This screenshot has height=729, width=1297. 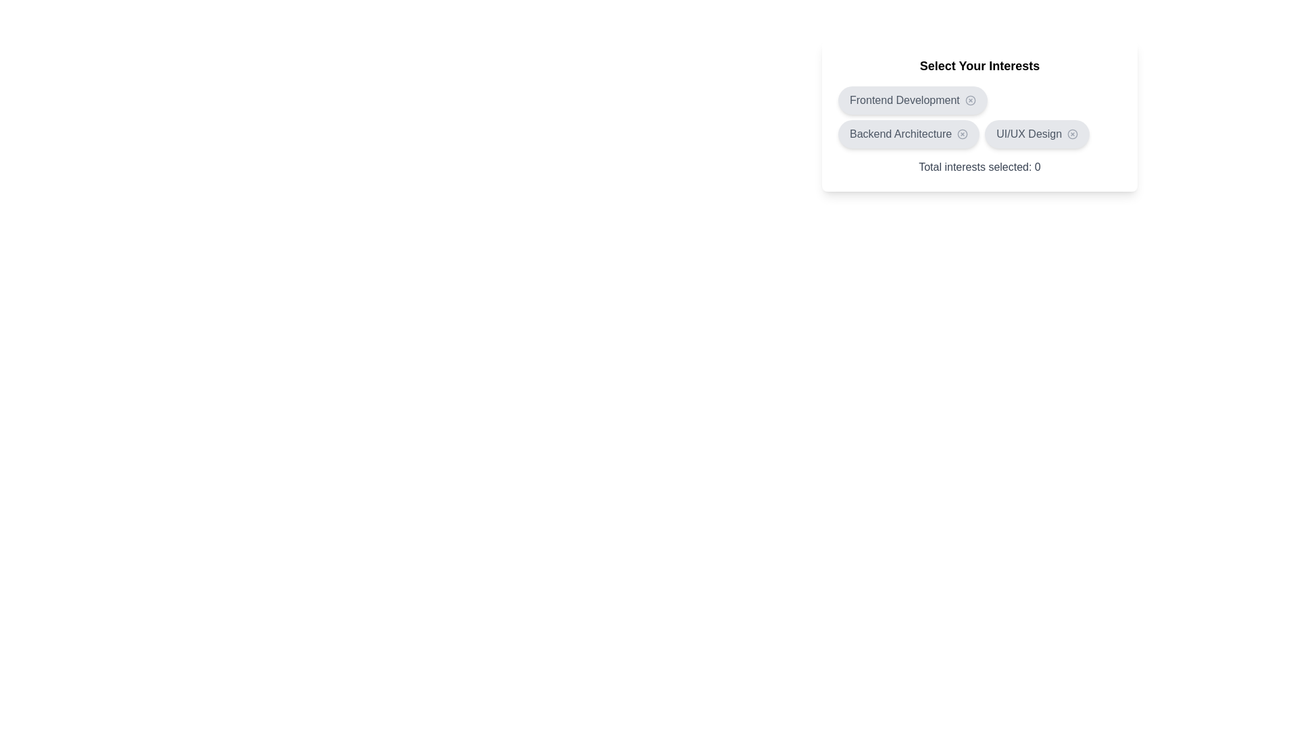 What do you see at coordinates (980, 65) in the screenshot?
I see `the header text 'Select Your Interests' which is bold and large, positioned at the top of the selection panel` at bounding box center [980, 65].